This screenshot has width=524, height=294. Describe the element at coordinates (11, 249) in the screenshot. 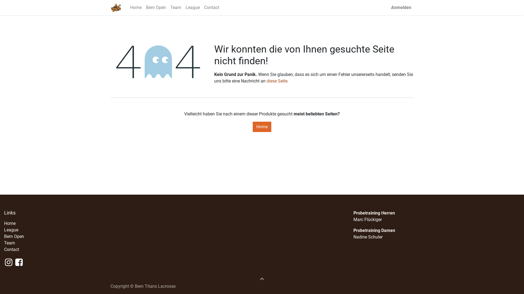

I see `'Contact'` at that location.